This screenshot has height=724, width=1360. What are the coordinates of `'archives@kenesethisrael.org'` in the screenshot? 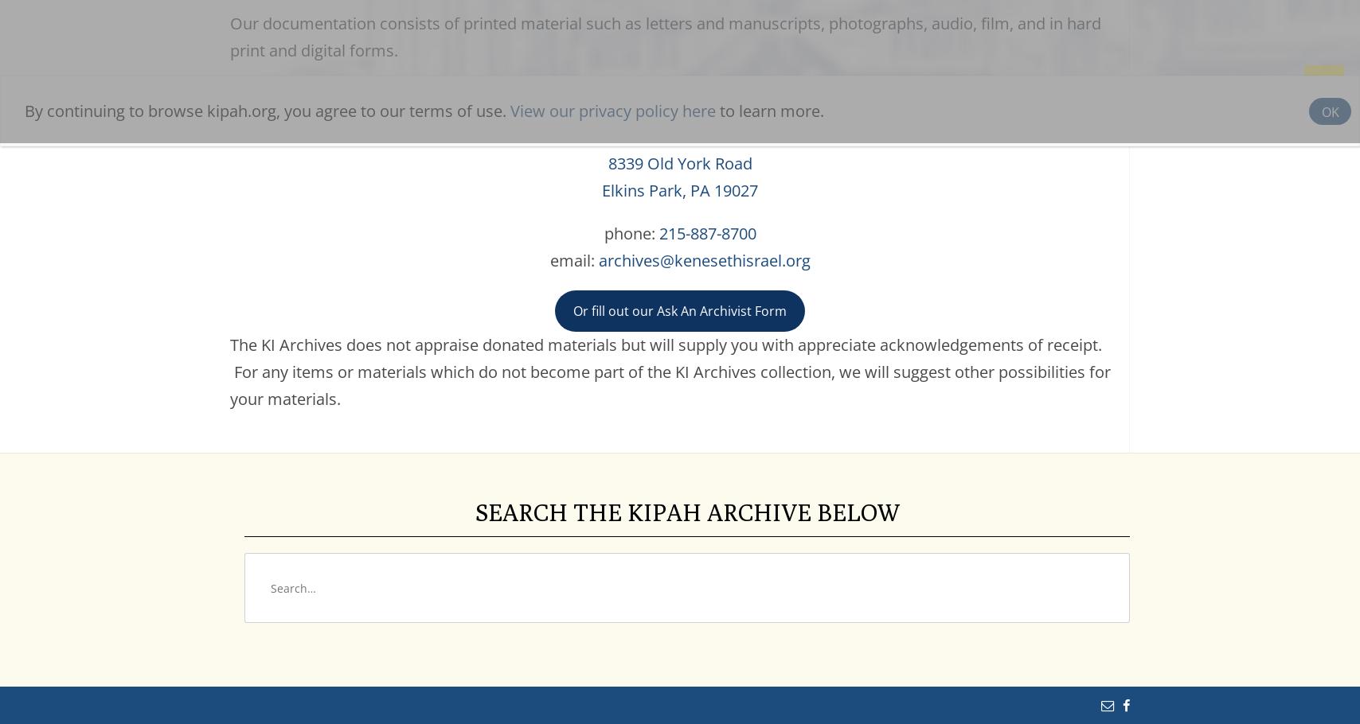 It's located at (704, 259).